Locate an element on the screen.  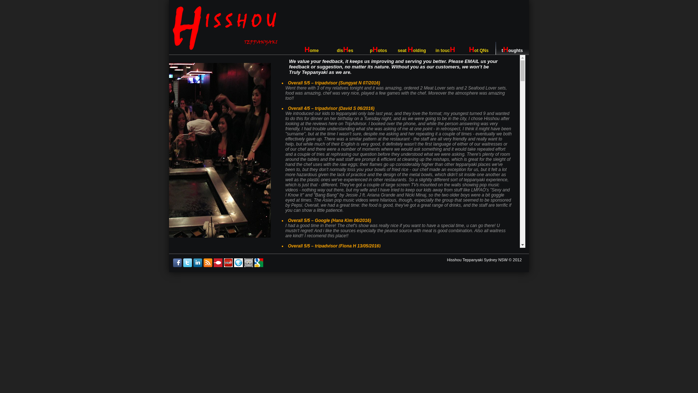
'pHotos' is located at coordinates (378, 48).